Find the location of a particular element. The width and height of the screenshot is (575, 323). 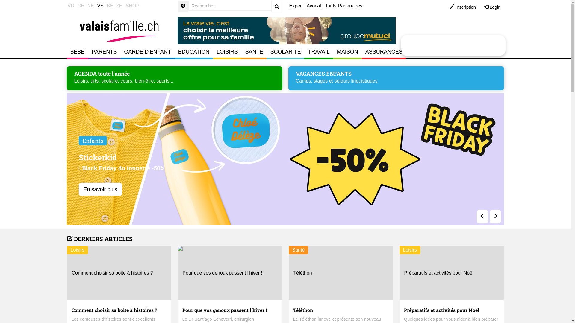

'GARDE D'ENFANT' is located at coordinates (147, 51).